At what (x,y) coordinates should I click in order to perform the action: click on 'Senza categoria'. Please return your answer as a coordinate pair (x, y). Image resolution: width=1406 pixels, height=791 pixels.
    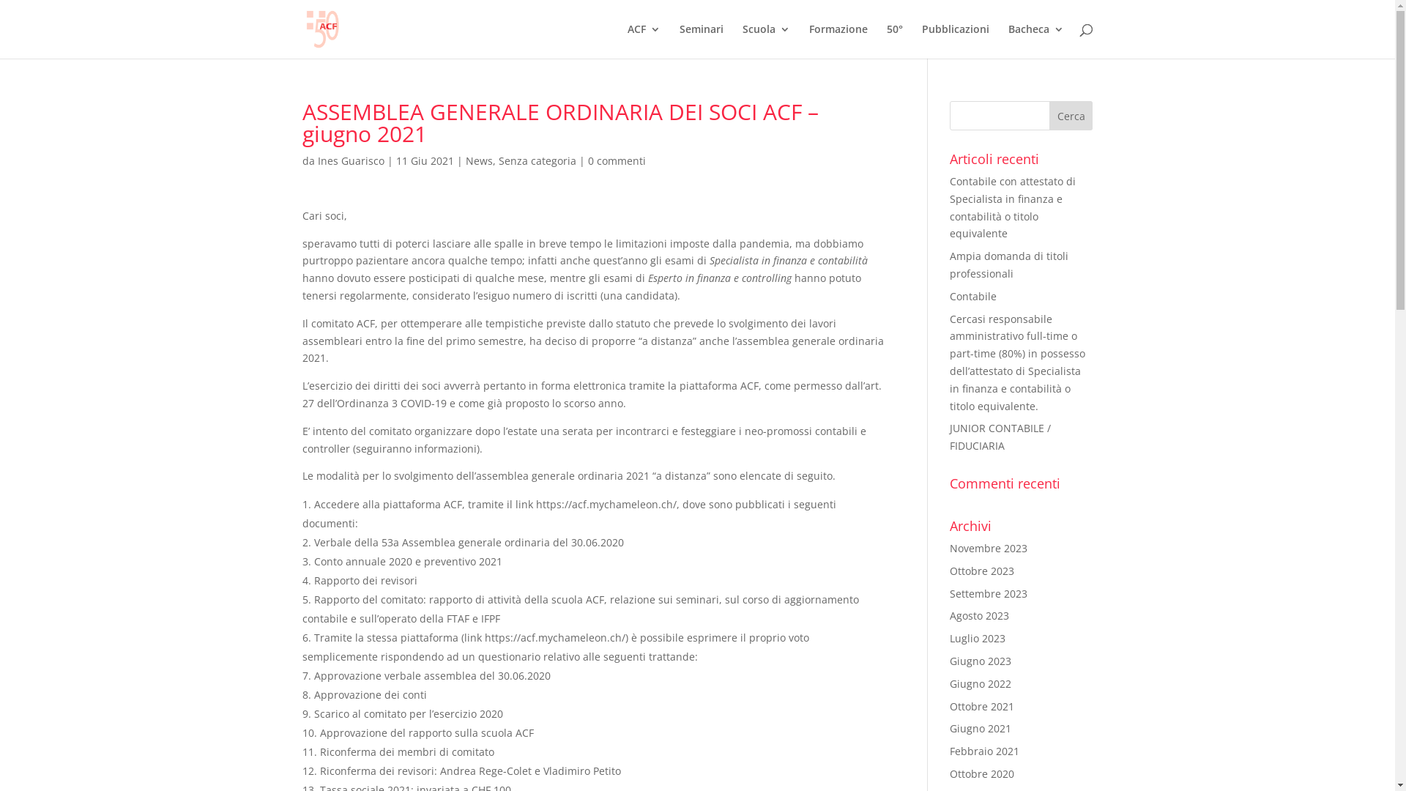
    Looking at the image, I should click on (536, 160).